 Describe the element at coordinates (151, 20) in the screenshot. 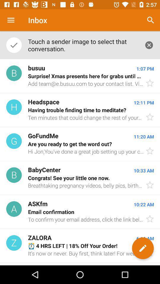

I see `icon next to touch a sender icon` at that location.